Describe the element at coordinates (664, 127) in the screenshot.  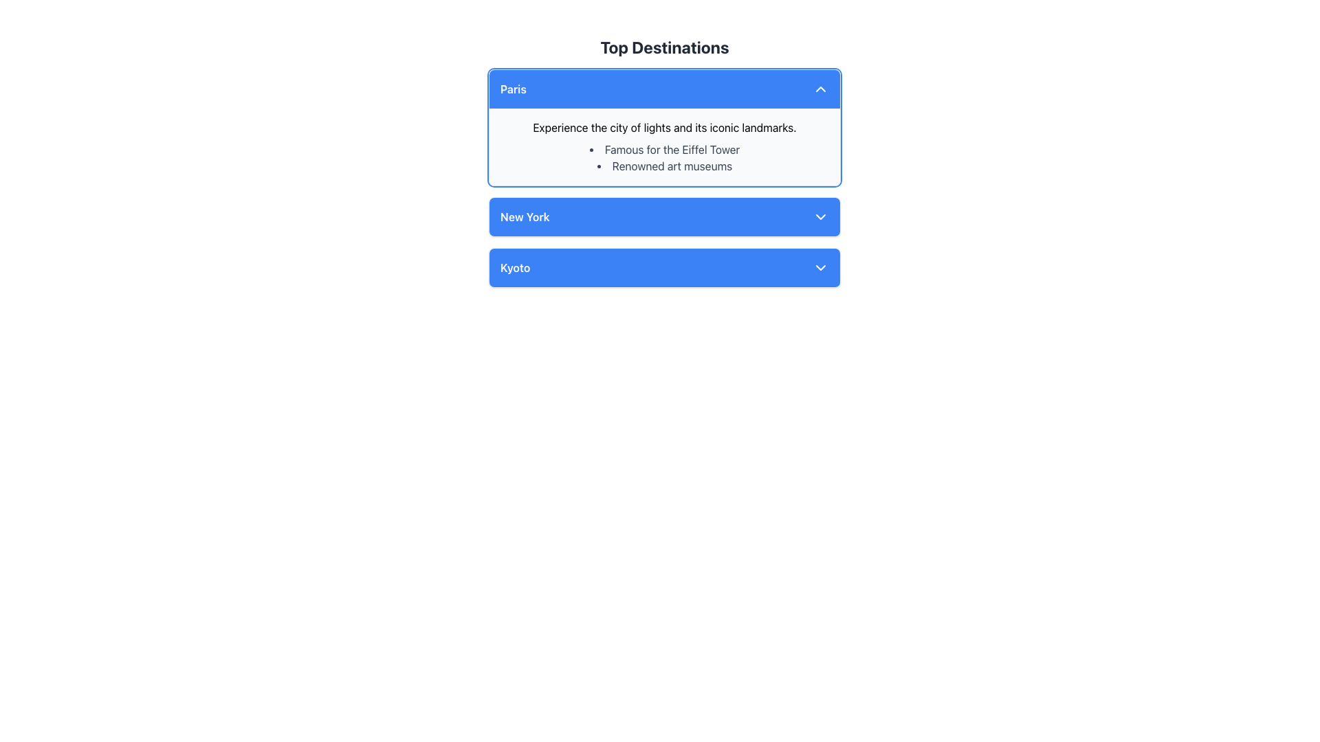
I see `text block displaying 'Experience the city of lights and its iconic landmarks.' which is located in the dropdown section titled 'Paris' in the 'Top Destinations' list, positioned directly below the title 'Paris.'` at that location.